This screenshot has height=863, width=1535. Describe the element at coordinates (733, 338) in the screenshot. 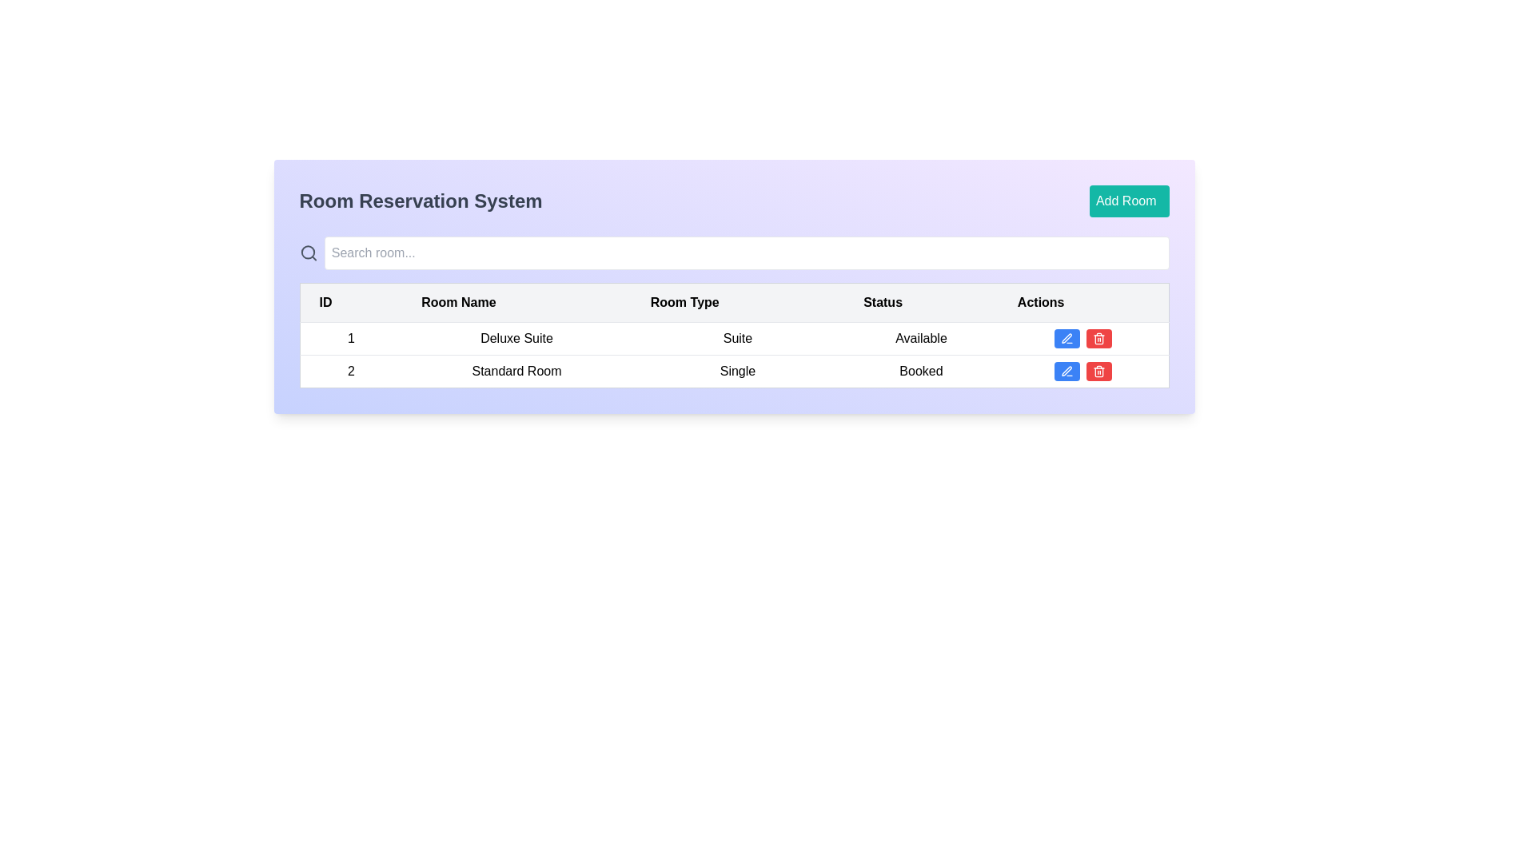

I see `the first row in the table displaying room information such as '1', 'Deluxe Suite', 'Suite', and 'Available' for details` at that location.